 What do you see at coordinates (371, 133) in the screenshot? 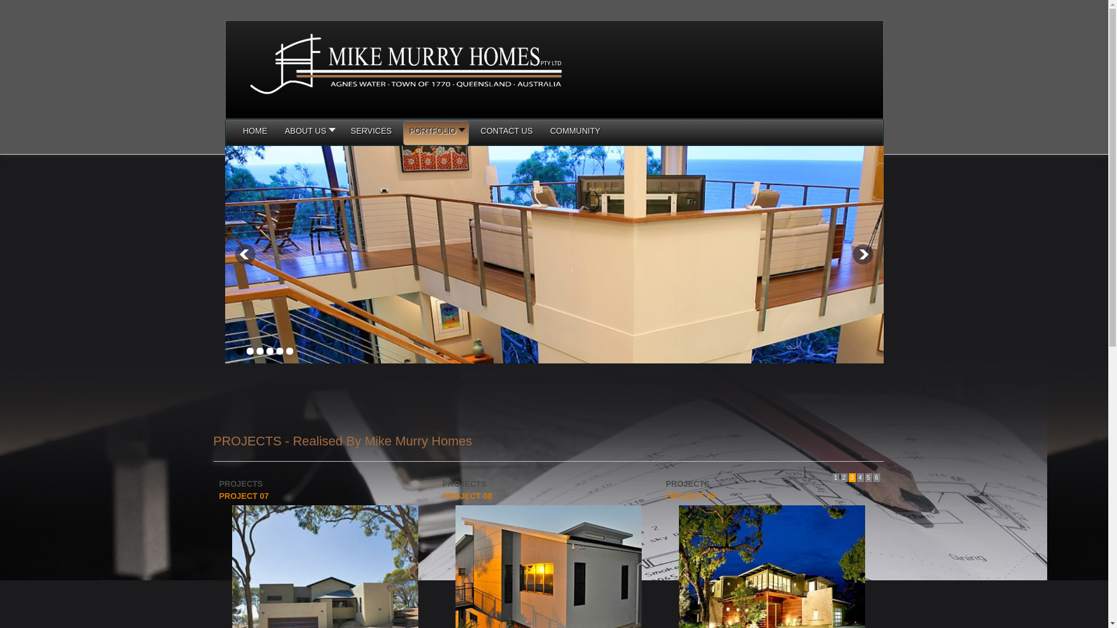
I see `'SERVICES'` at bounding box center [371, 133].